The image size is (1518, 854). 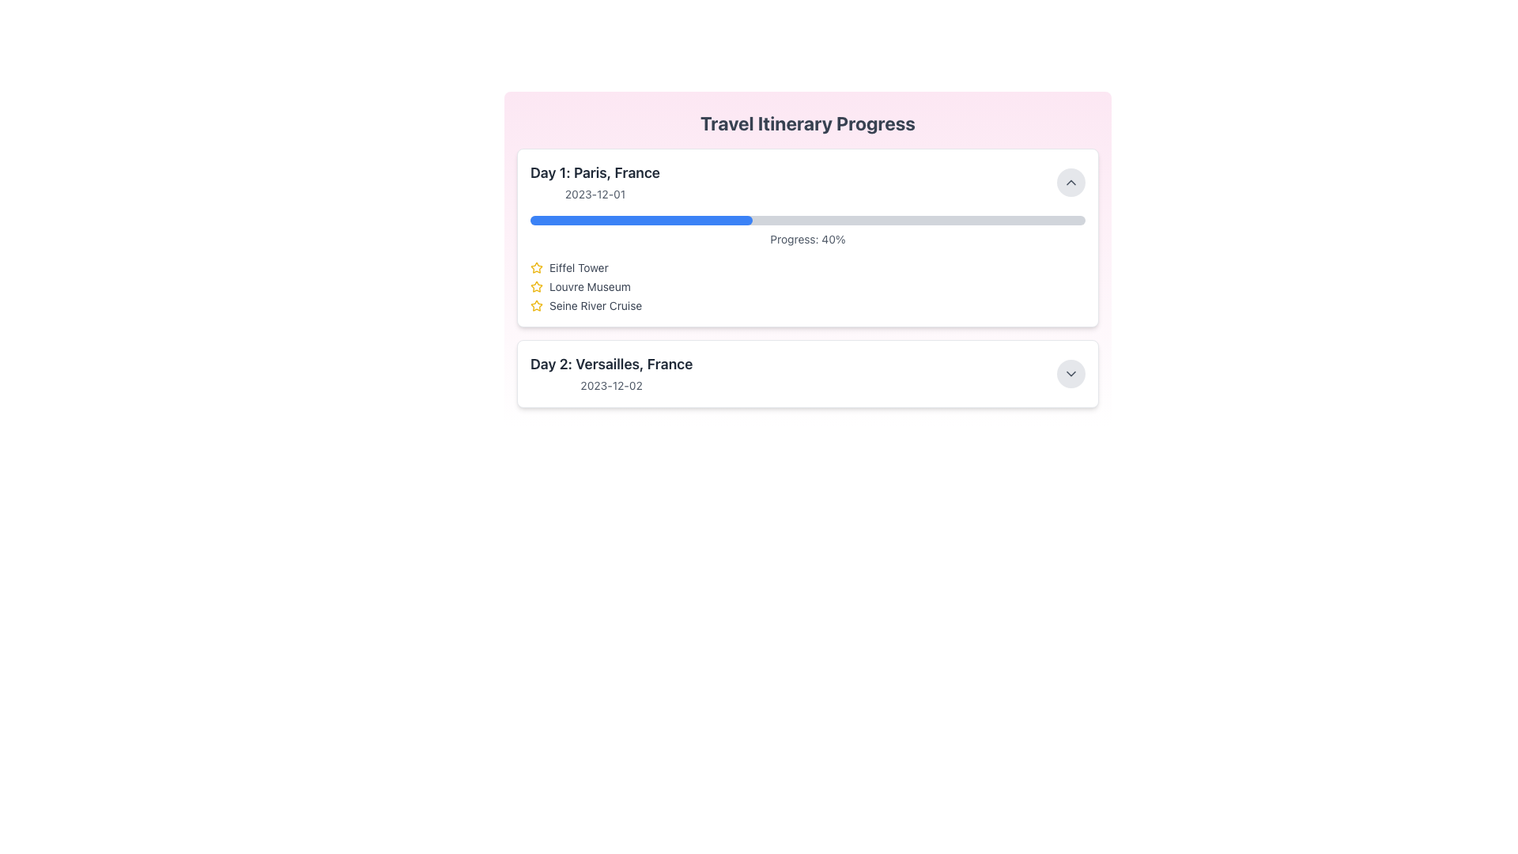 I want to click on the first star icon to the left of the text 'Eiffel Tower' in the list of 'Day 1: Paris, France' activities, so click(x=536, y=267).